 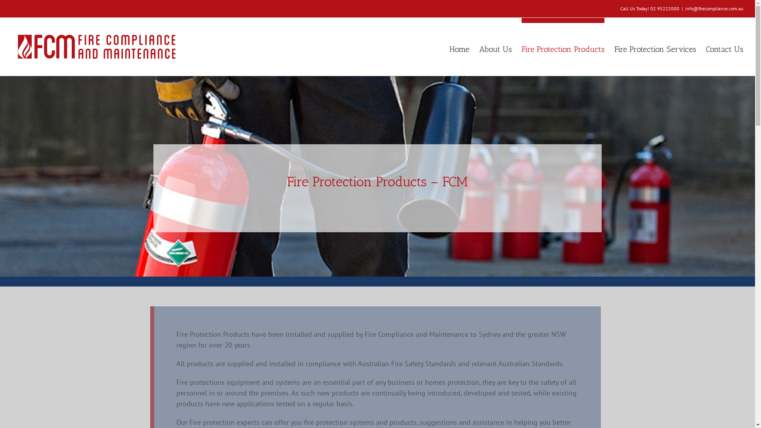 What do you see at coordinates (665, 8) in the screenshot?
I see `'02 95222000'` at bounding box center [665, 8].